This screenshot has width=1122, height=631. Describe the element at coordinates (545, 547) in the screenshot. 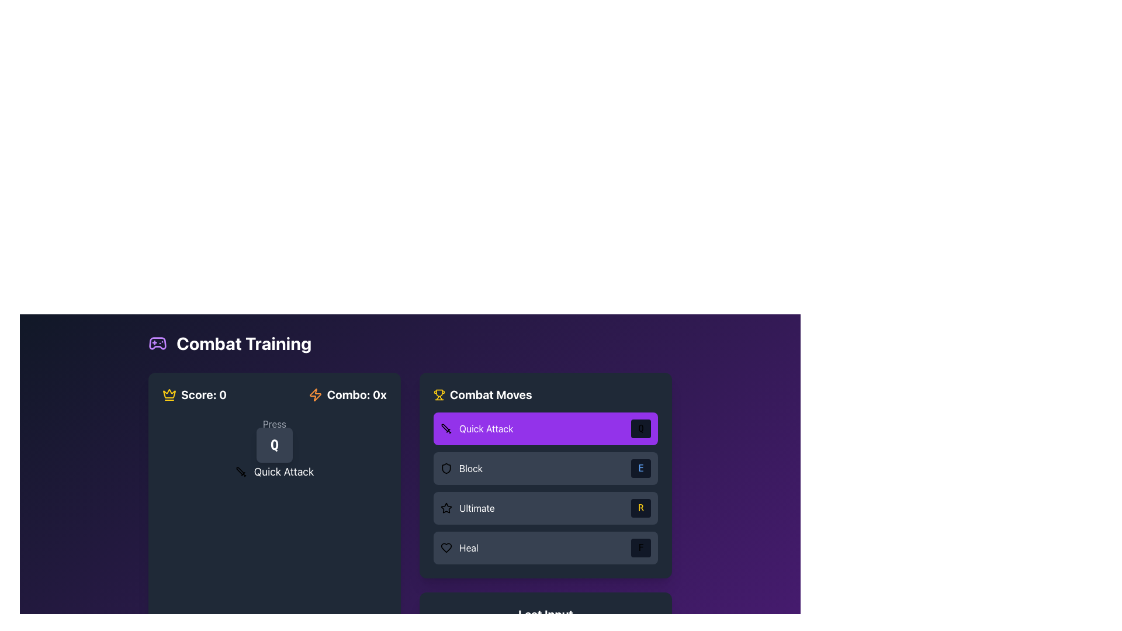

I see `the 'Heal' command option in the 'Combat Moves' section` at that location.